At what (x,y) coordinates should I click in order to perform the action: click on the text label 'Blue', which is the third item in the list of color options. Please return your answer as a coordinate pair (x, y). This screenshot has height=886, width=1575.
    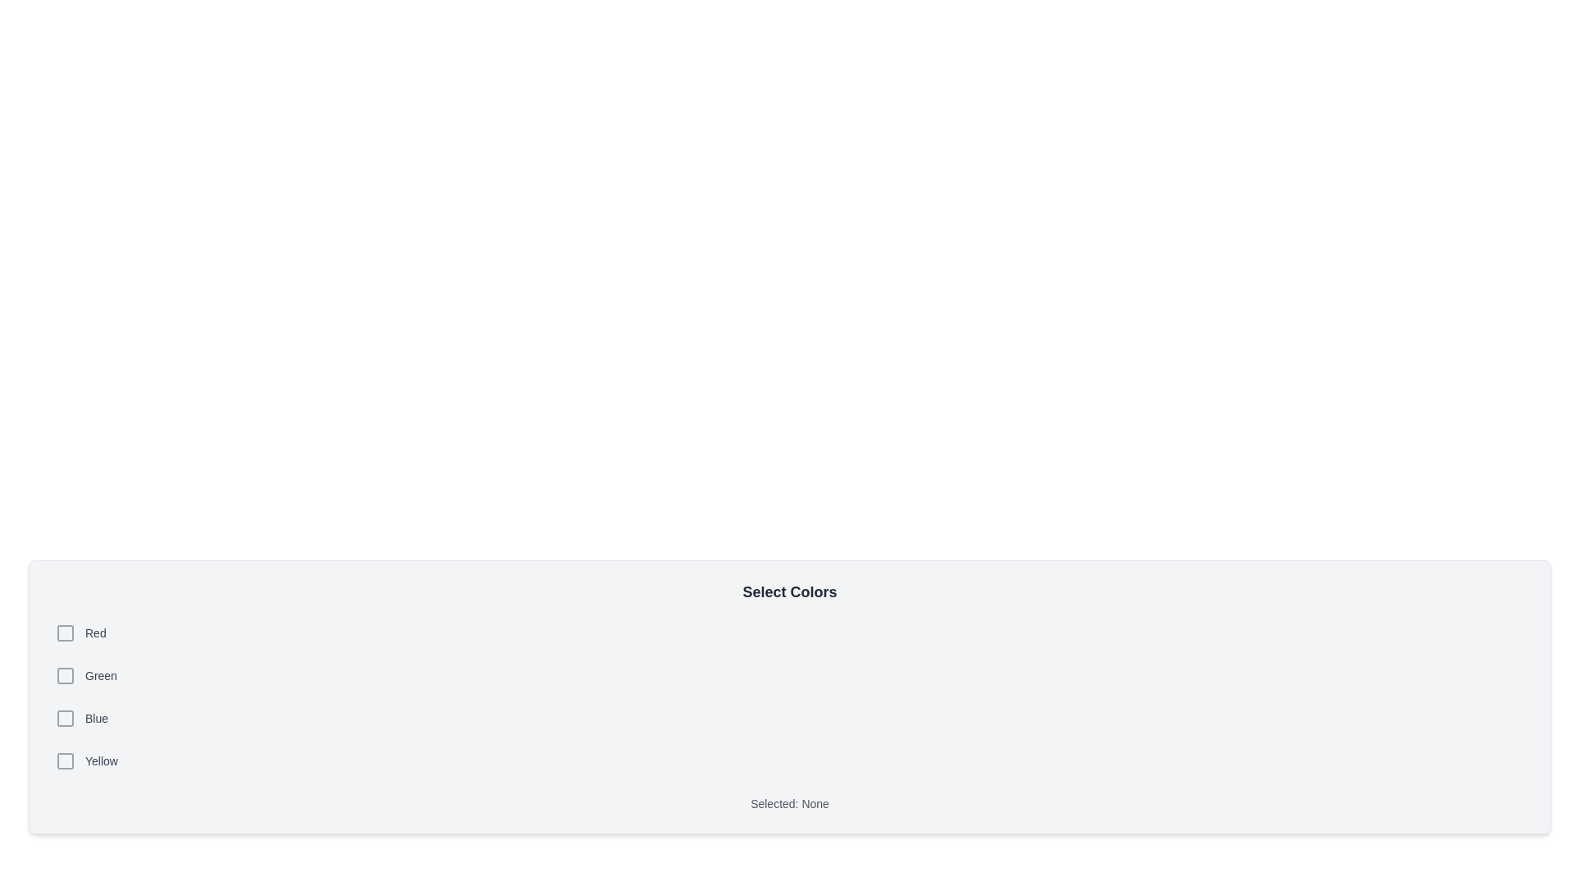
    Looking at the image, I should click on (96, 717).